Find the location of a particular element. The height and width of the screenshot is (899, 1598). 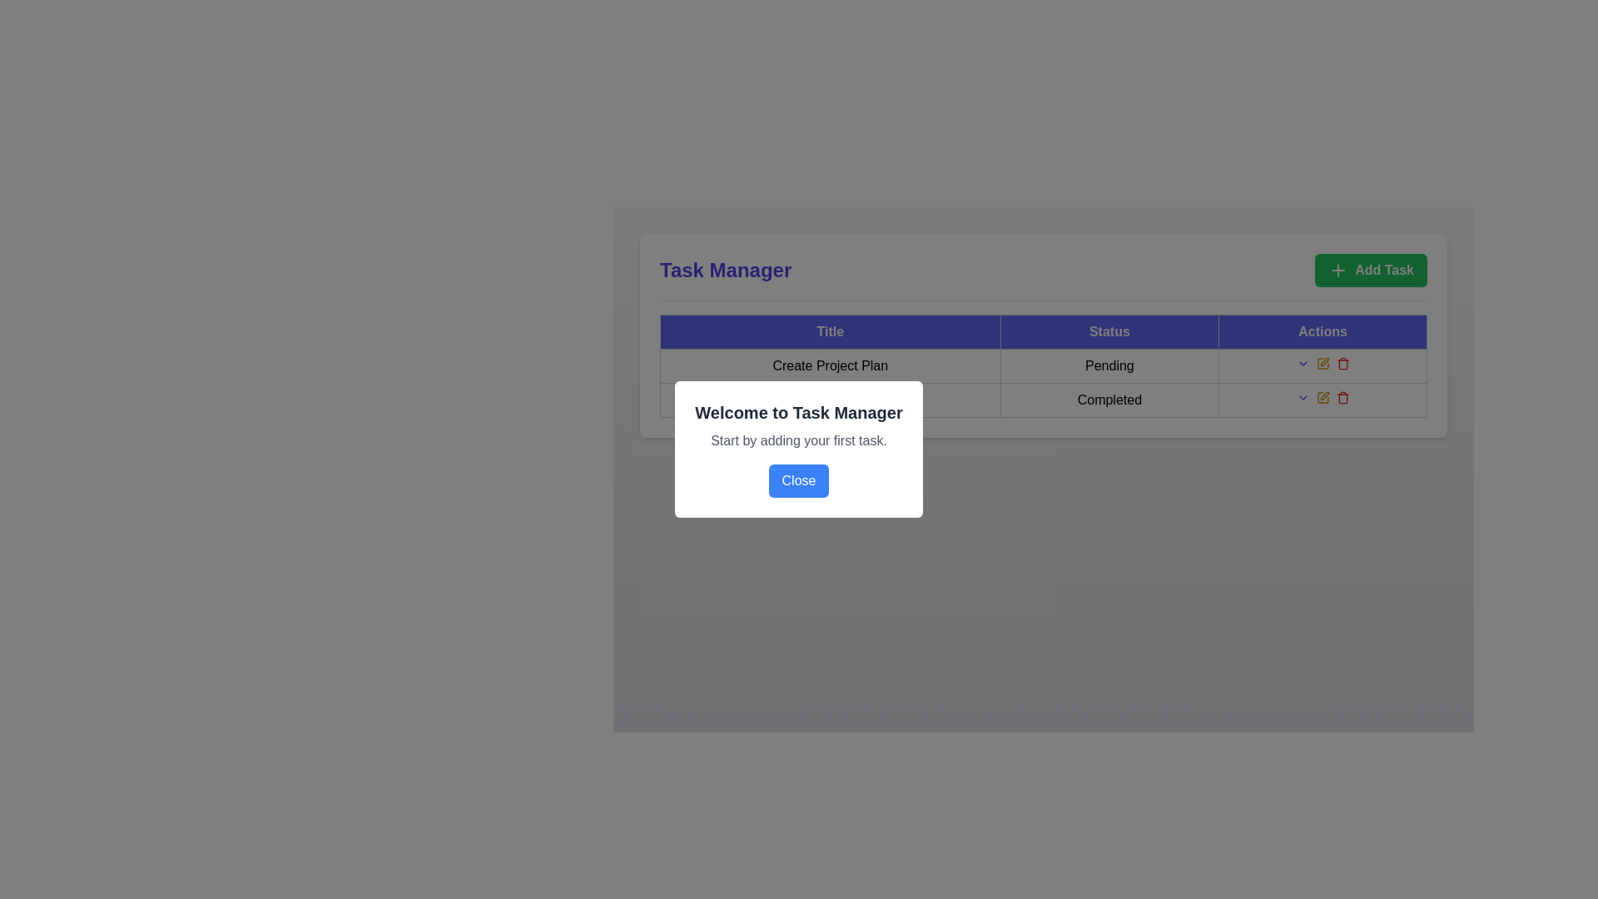

the 'Actions' header label, which is styled with a blue background and grey text, positioned to the right of the 'Status' element is located at coordinates (1322, 331).